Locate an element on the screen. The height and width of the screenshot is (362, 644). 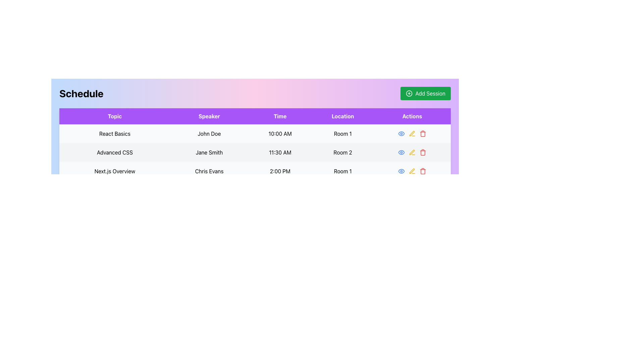
the add session icon embedded in the green 'Add Session' button located at the top-right corner of the page to initiate the add session action is located at coordinates (409, 93).